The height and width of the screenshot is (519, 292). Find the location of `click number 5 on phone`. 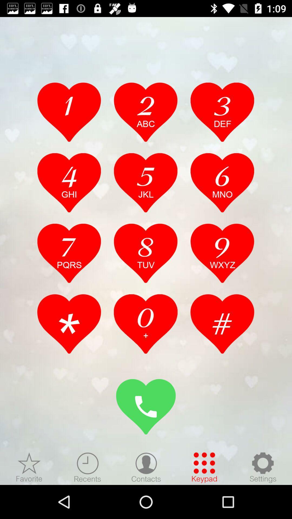

click number 5 on phone is located at coordinates (145, 182).